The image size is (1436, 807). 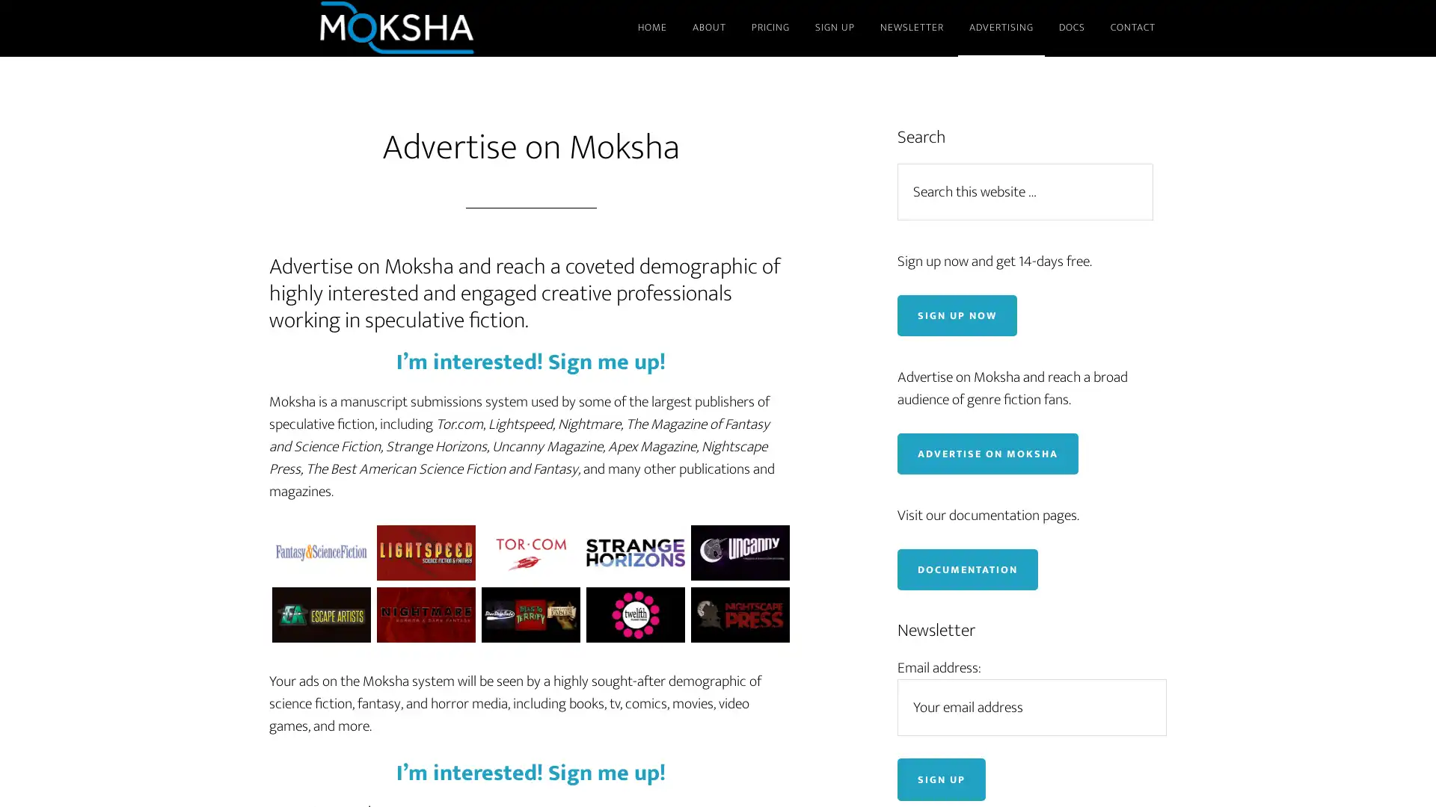 What do you see at coordinates (940, 778) in the screenshot?
I see `Sign up` at bounding box center [940, 778].